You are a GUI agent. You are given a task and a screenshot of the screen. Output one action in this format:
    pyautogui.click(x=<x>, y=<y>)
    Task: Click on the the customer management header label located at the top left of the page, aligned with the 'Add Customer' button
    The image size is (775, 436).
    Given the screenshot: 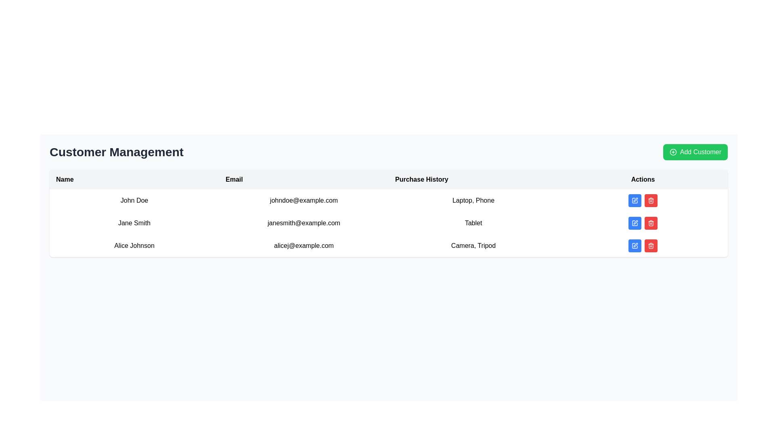 What is the action you would take?
    pyautogui.click(x=116, y=152)
    